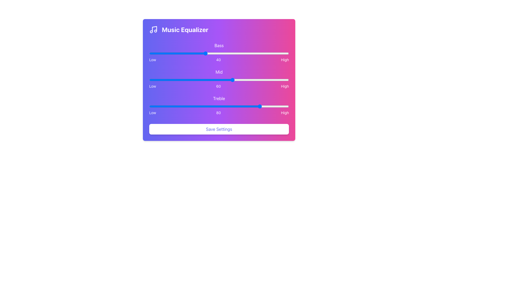  I want to click on mid-range frequency, so click(277, 80).